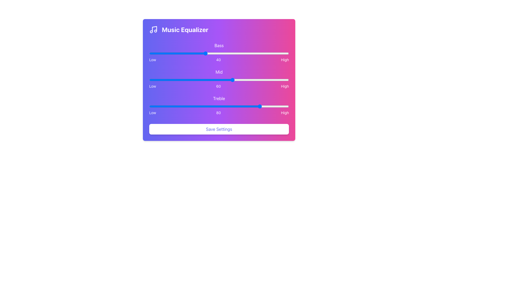  I want to click on mid-range frequency, so click(277, 80).